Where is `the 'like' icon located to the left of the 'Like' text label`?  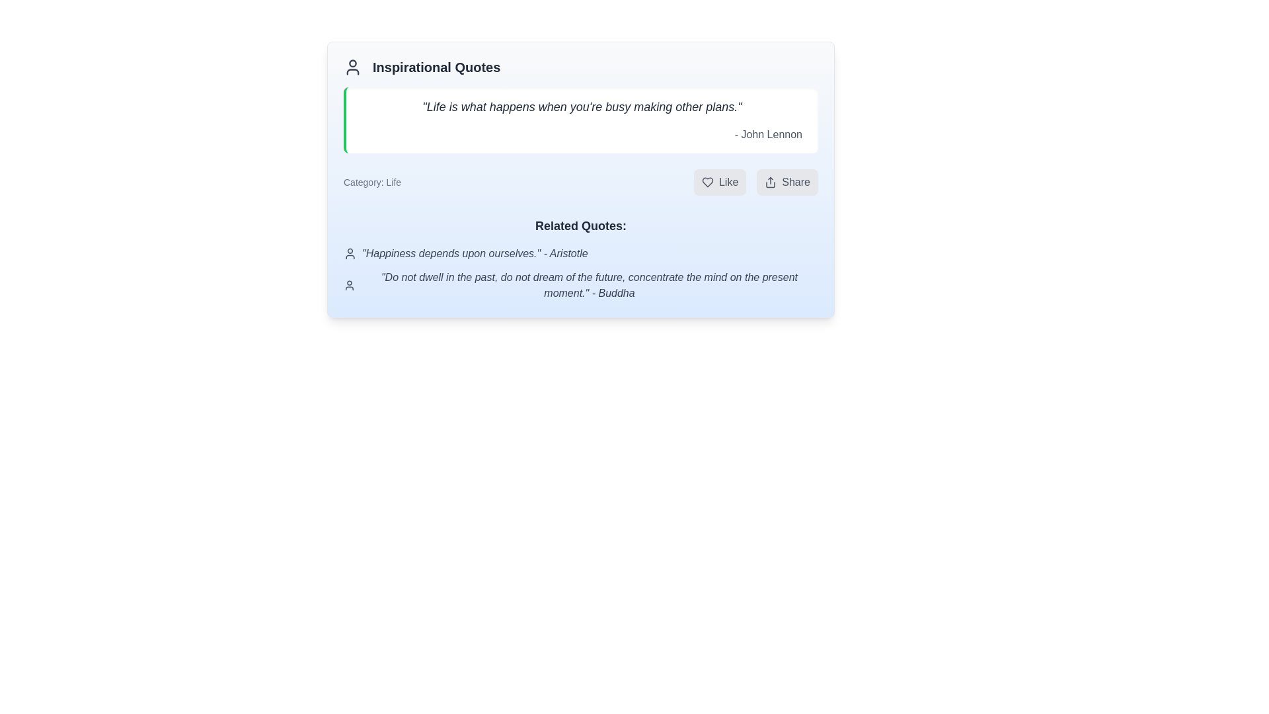 the 'like' icon located to the left of the 'Like' text label is located at coordinates (707, 182).